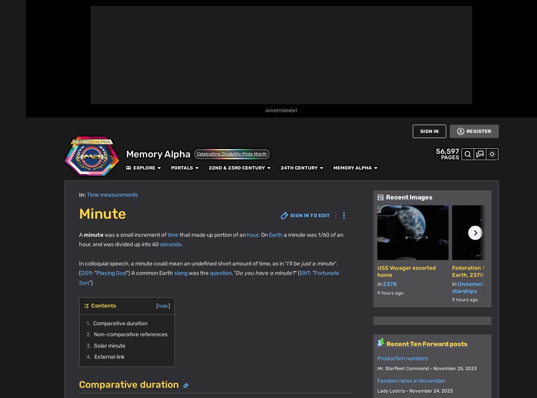  I want to click on 'information for full details.', so click(111, 77).